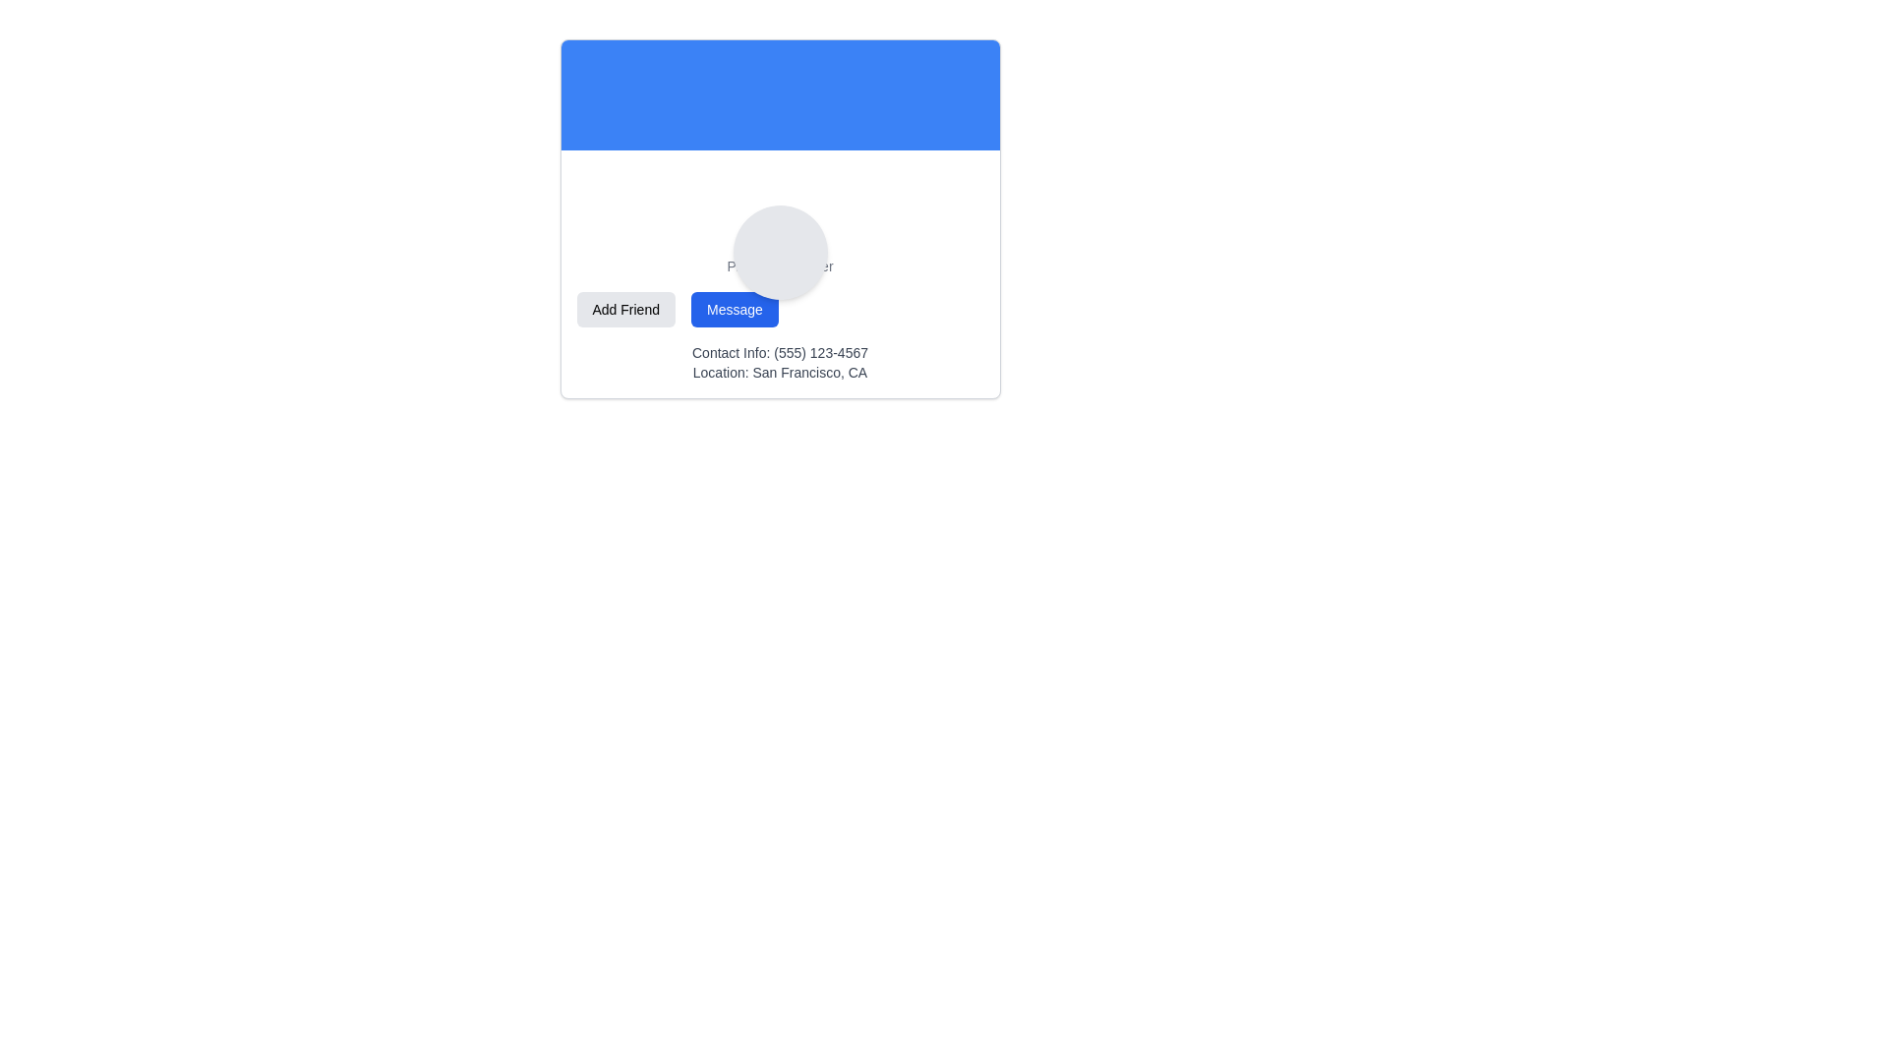 The image size is (1888, 1062). What do you see at coordinates (624, 310) in the screenshot?
I see `the 'Add Friend' button, which is a rectangular button with the text 'Add Friend' in black on a light gray background, located to the left of the 'Message' button` at bounding box center [624, 310].